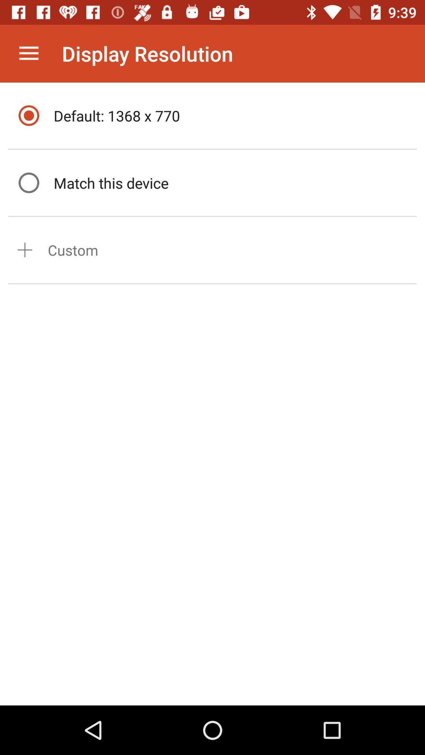 The height and width of the screenshot is (755, 425). I want to click on the icon next to the display resolution icon, so click(28, 53).